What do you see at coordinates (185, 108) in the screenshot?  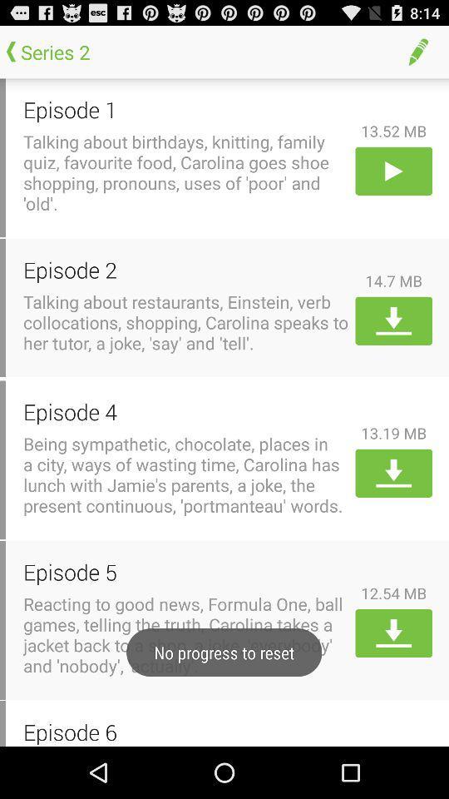 I see `item to the left of the 13.52 mb item` at bounding box center [185, 108].